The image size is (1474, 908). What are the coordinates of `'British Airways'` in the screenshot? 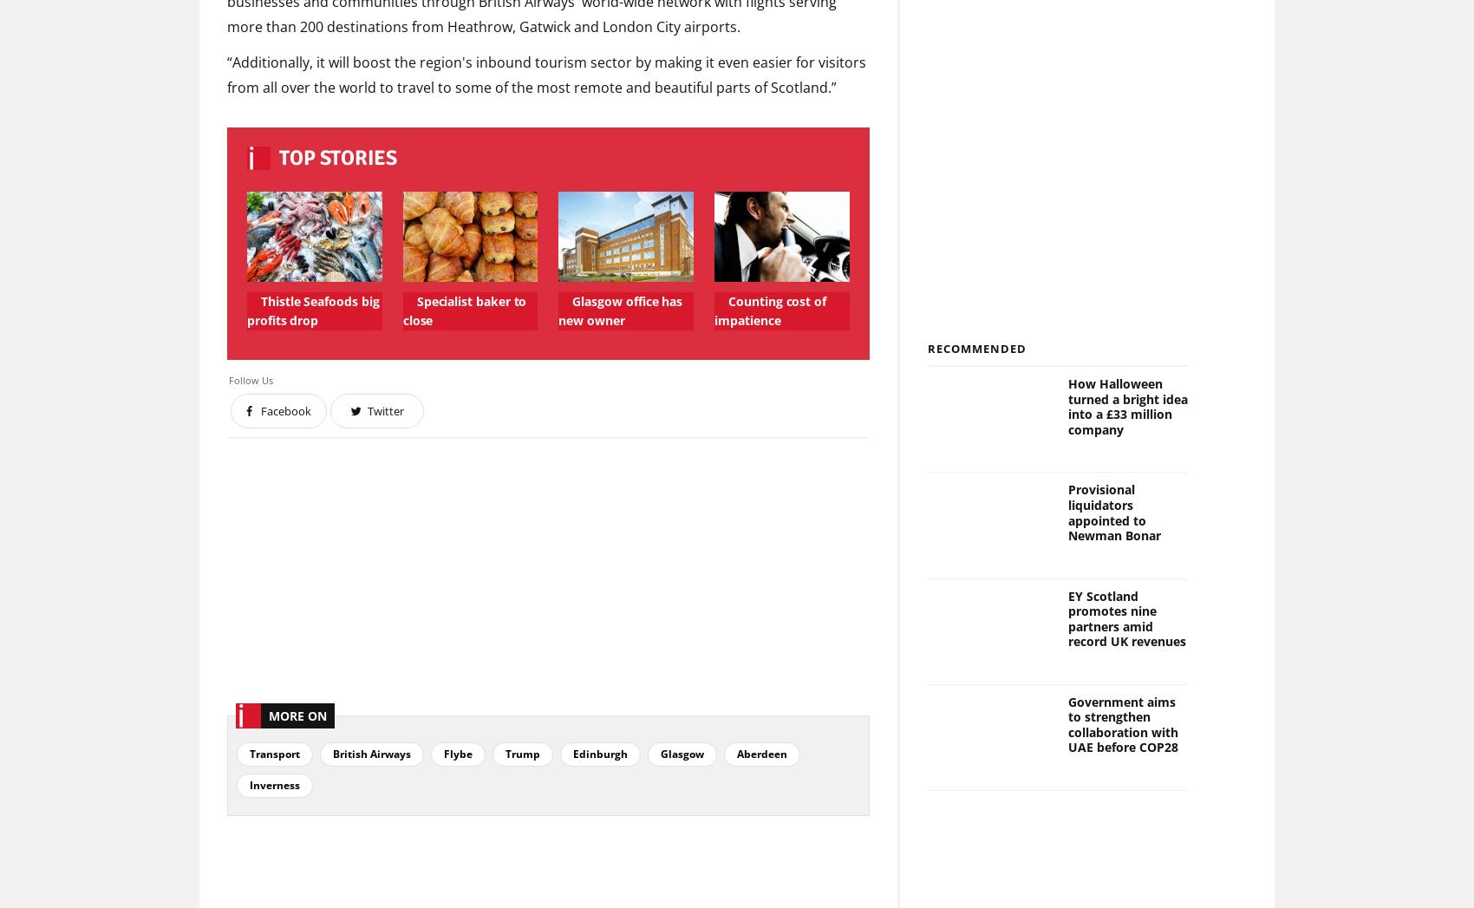 It's located at (372, 753).